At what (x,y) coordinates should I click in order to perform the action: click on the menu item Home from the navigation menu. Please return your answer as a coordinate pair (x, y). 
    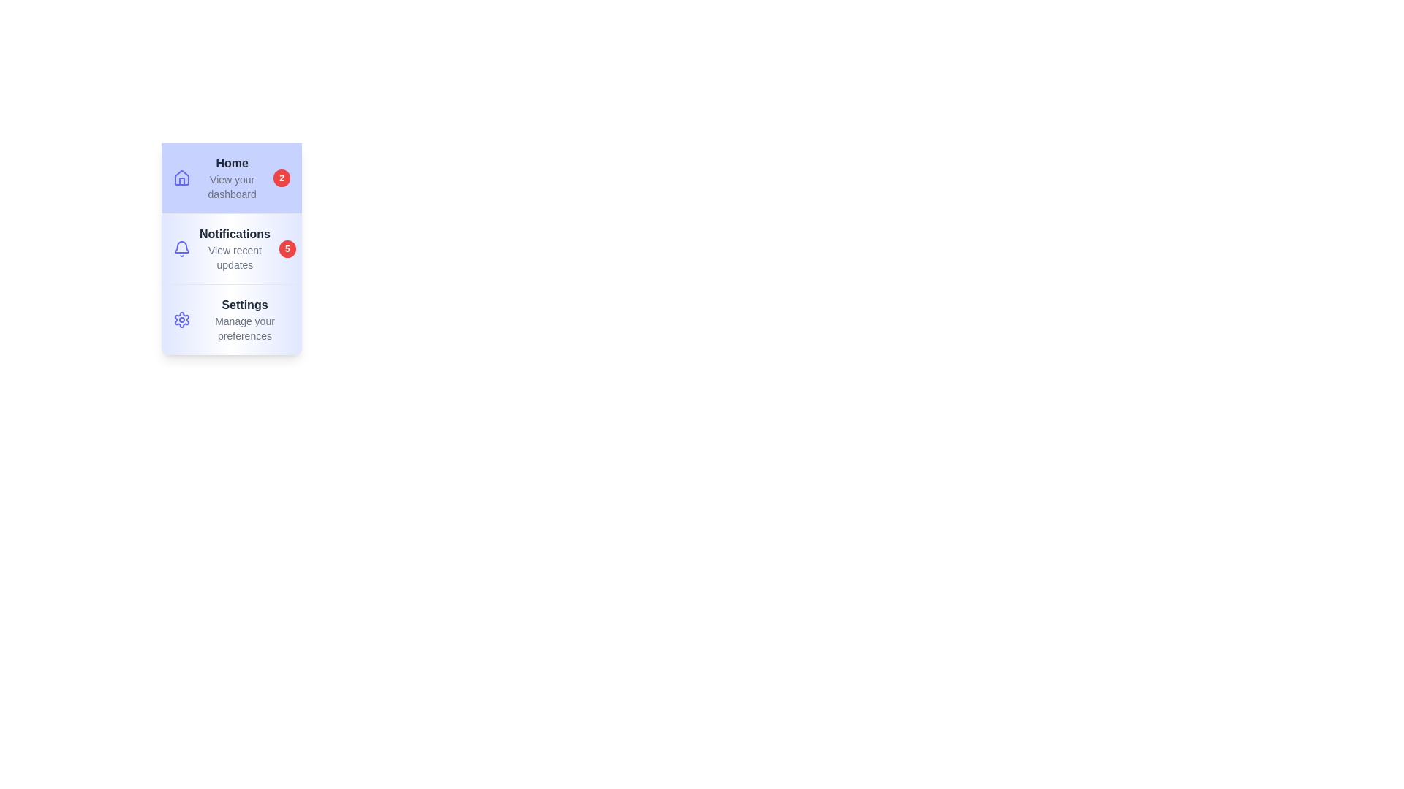
    Looking at the image, I should click on (230, 177).